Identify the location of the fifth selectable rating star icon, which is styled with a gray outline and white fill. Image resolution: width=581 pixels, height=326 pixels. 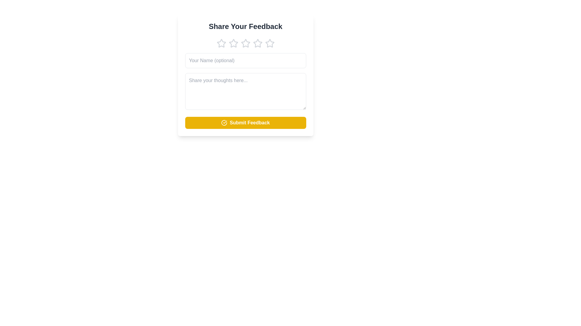
(269, 43).